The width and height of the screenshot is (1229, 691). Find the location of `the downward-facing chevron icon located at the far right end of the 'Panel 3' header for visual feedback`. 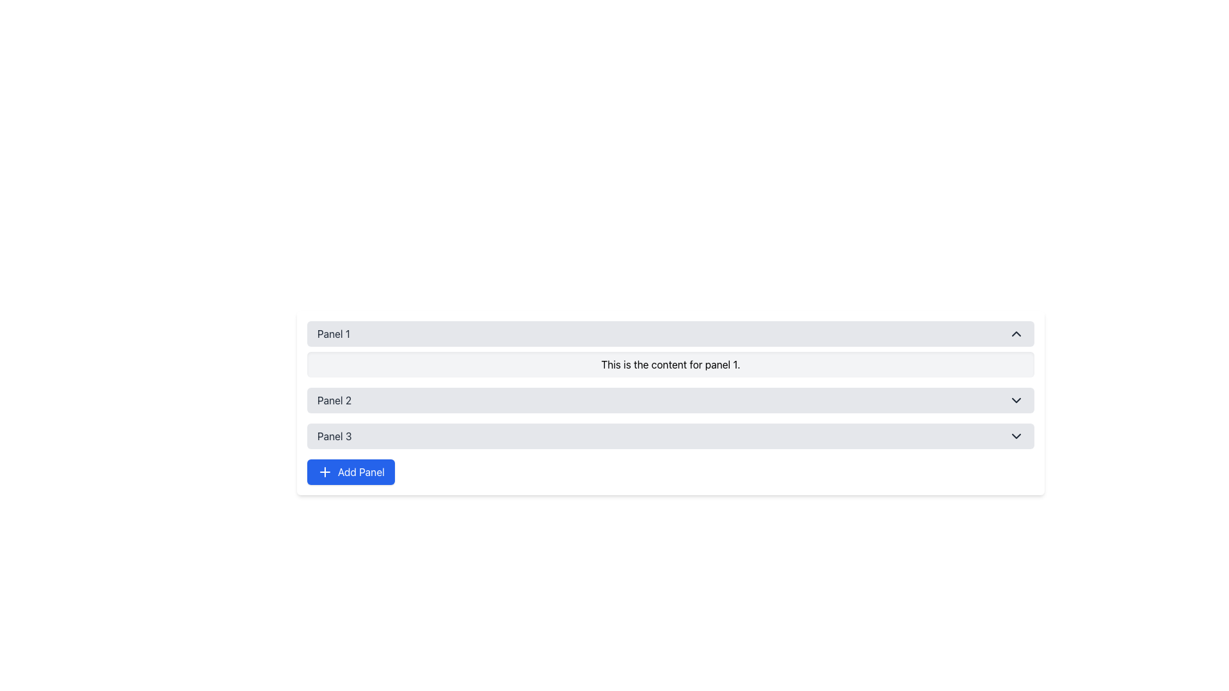

the downward-facing chevron icon located at the far right end of the 'Panel 3' header for visual feedback is located at coordinates (1016, 436).